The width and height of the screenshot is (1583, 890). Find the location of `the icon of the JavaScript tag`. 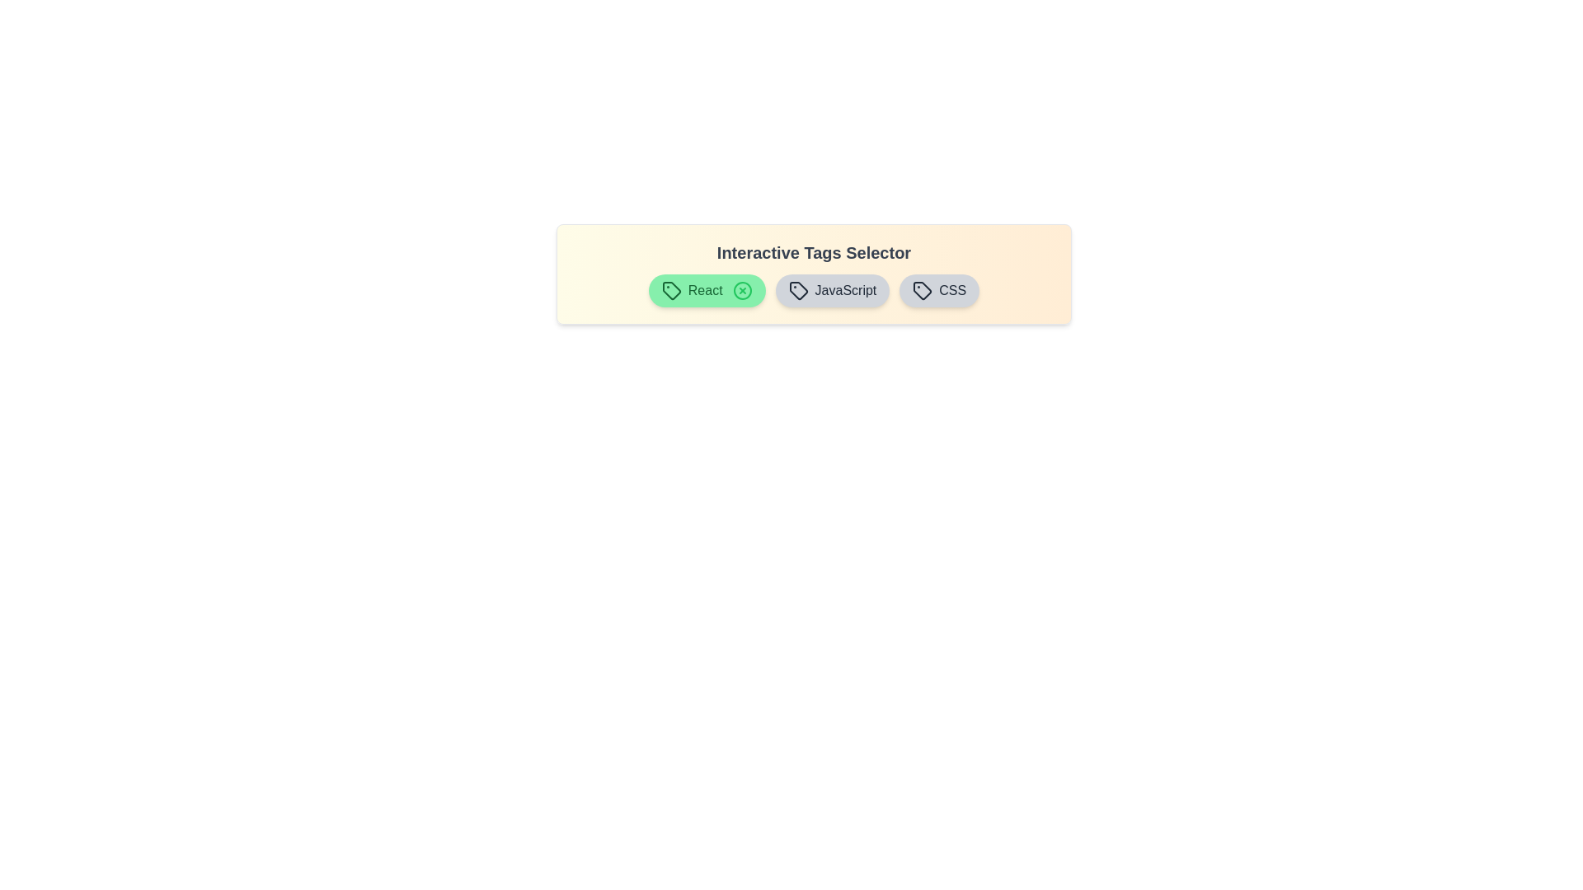

the icon of the JavaScript tag is located at coordinates (845, 290).